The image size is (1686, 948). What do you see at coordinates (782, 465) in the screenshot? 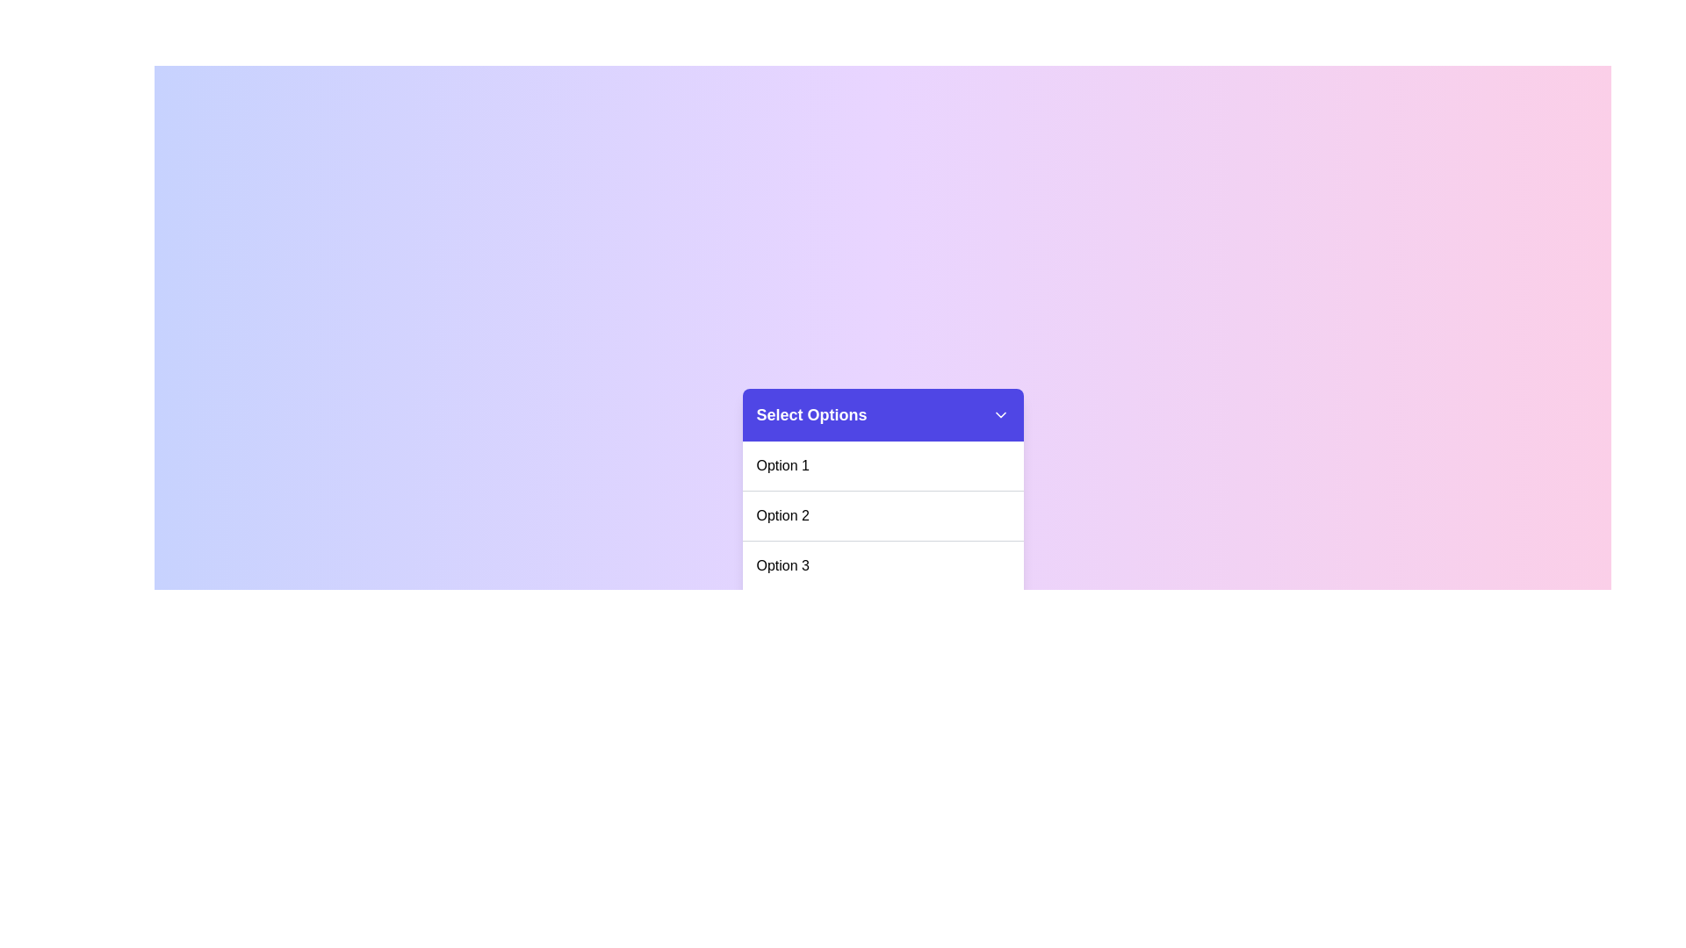
I see `to select the first option labeled 'Option 1' in the dropdown menu located below the header 'Select Options'` at bounding box center [782, 465].